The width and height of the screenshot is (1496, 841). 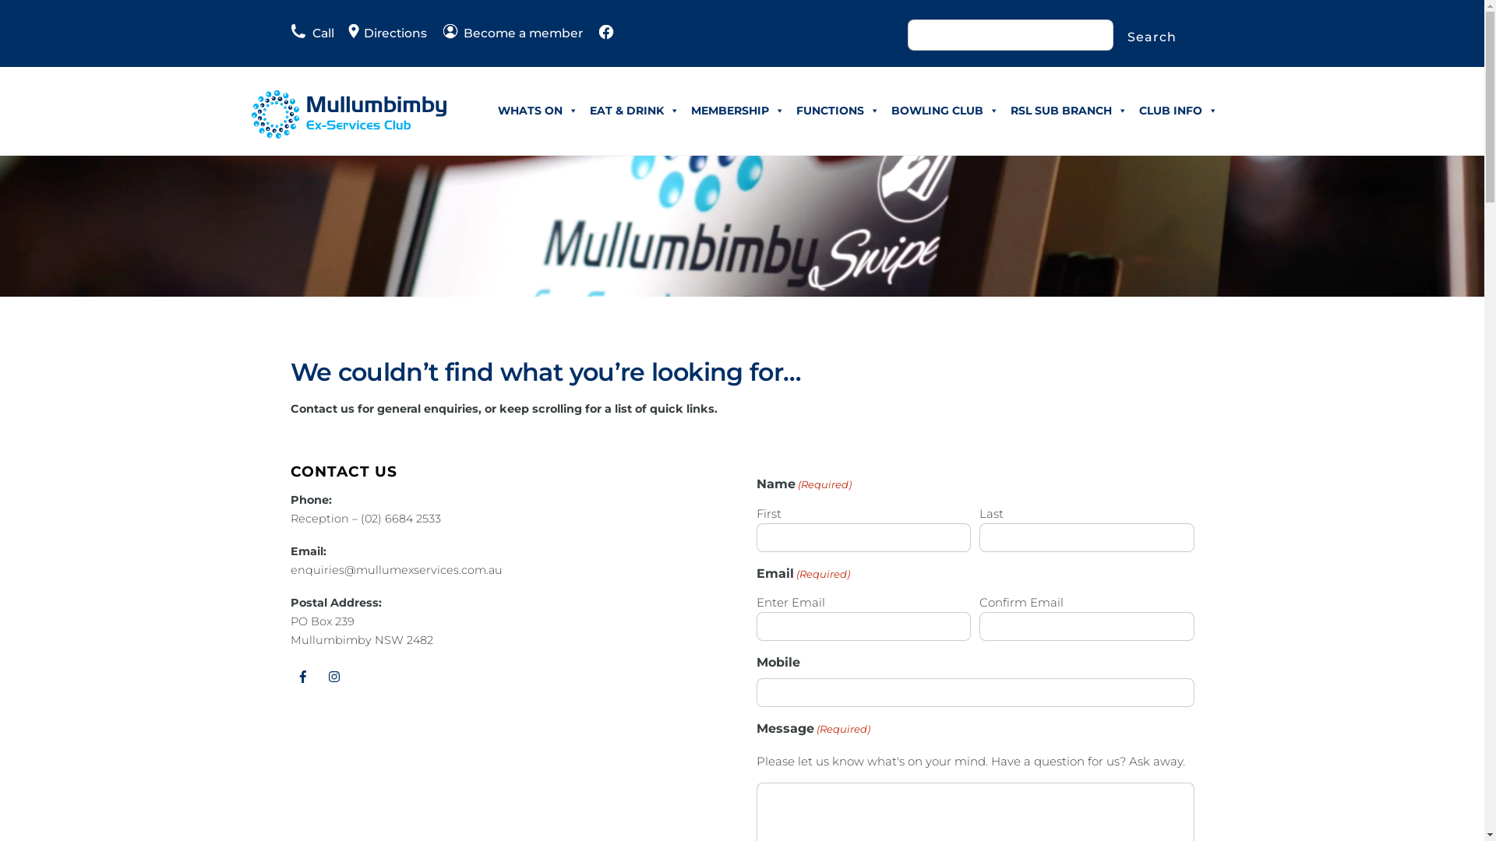 I want to click on 'WHATS ON', so click(x=538, y=110).